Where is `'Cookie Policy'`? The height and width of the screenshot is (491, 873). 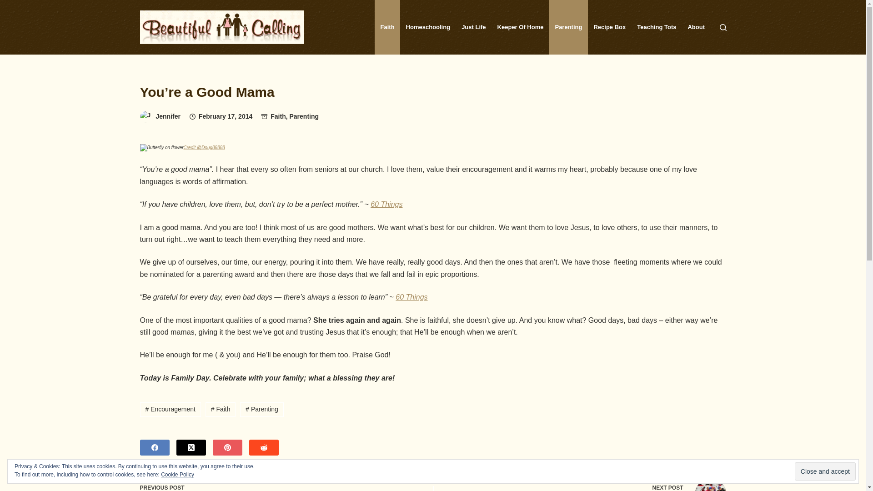
'Cookie Policy' is located at coordinates (177, 474).